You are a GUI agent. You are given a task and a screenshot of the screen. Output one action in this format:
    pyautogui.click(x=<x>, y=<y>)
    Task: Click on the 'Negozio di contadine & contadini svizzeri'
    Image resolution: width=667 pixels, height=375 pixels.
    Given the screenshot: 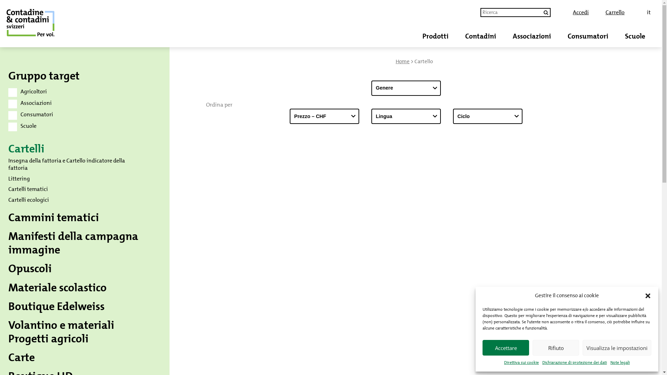 What is the action you would take?
    pyautogui.click(x=0, y=23)
    